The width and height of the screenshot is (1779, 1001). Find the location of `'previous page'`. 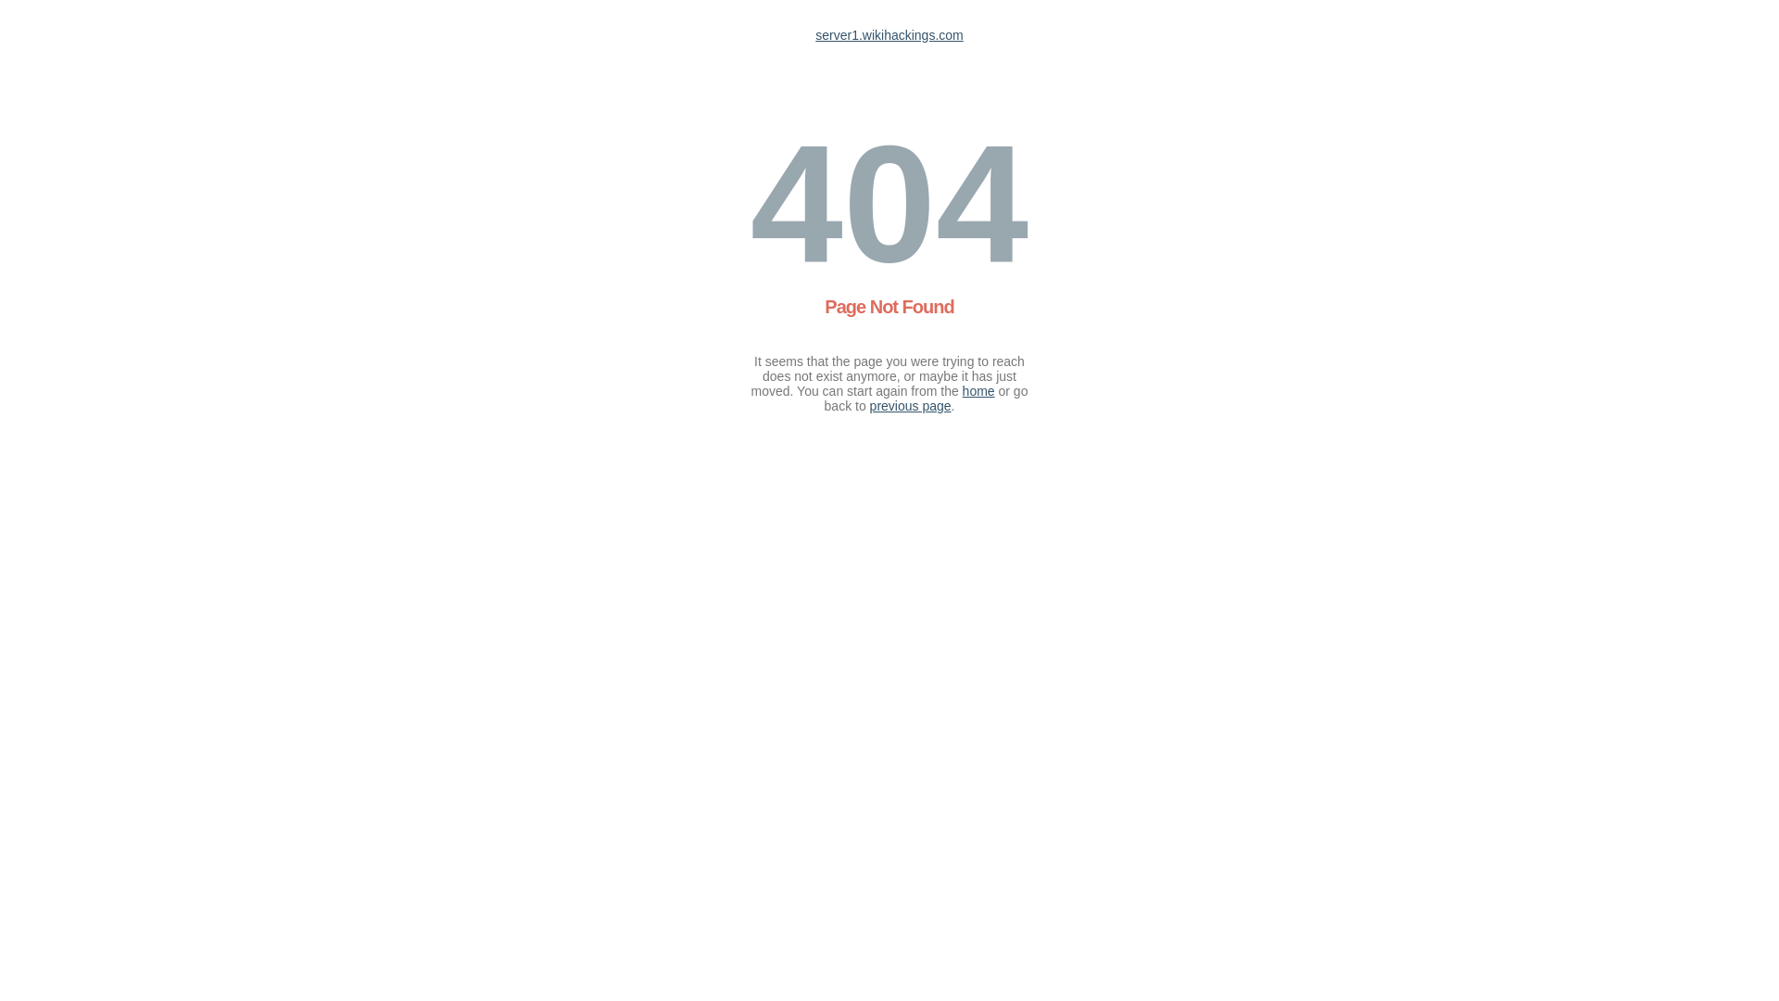

'previous page' is located at coordinates (869, 405).